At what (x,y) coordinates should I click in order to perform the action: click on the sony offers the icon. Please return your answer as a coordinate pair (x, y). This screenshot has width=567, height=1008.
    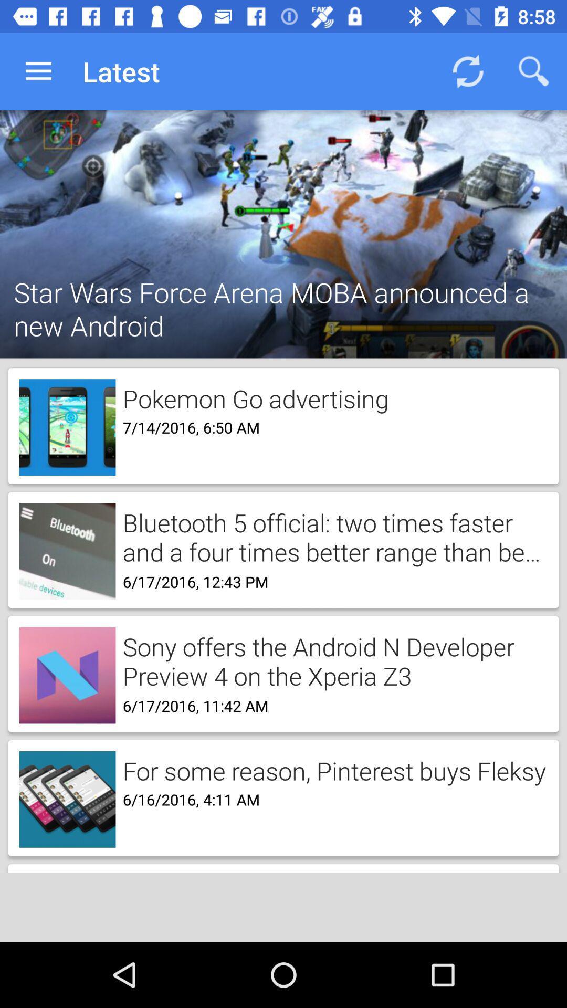
    Looking at the image, I should click on (331, 660).